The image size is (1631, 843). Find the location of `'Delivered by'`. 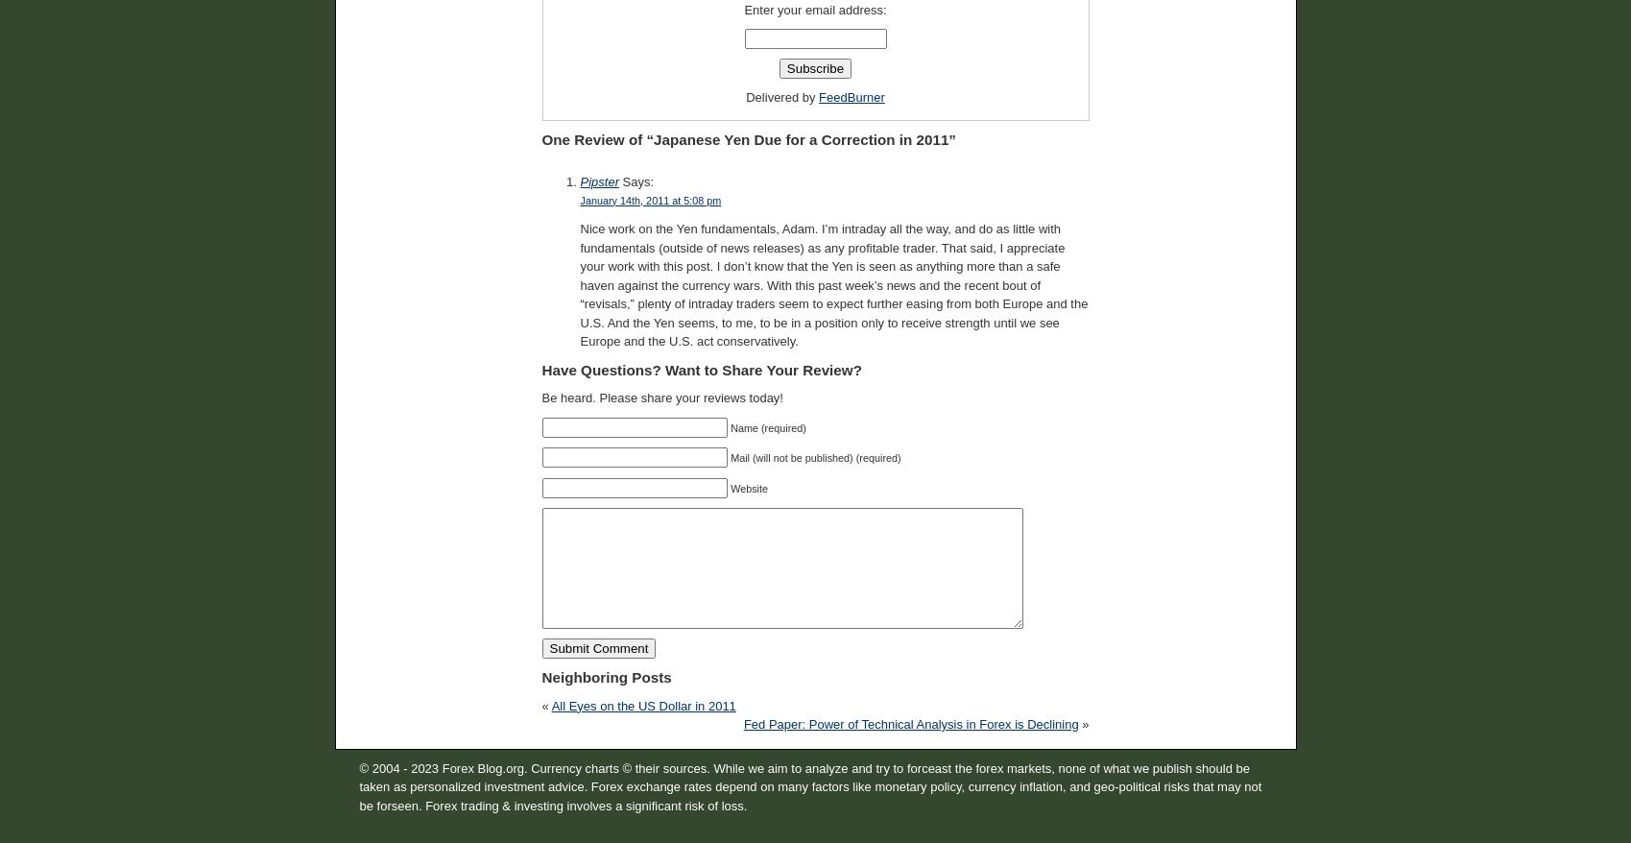

'Delivered by' is located at coordinates (782, 96).